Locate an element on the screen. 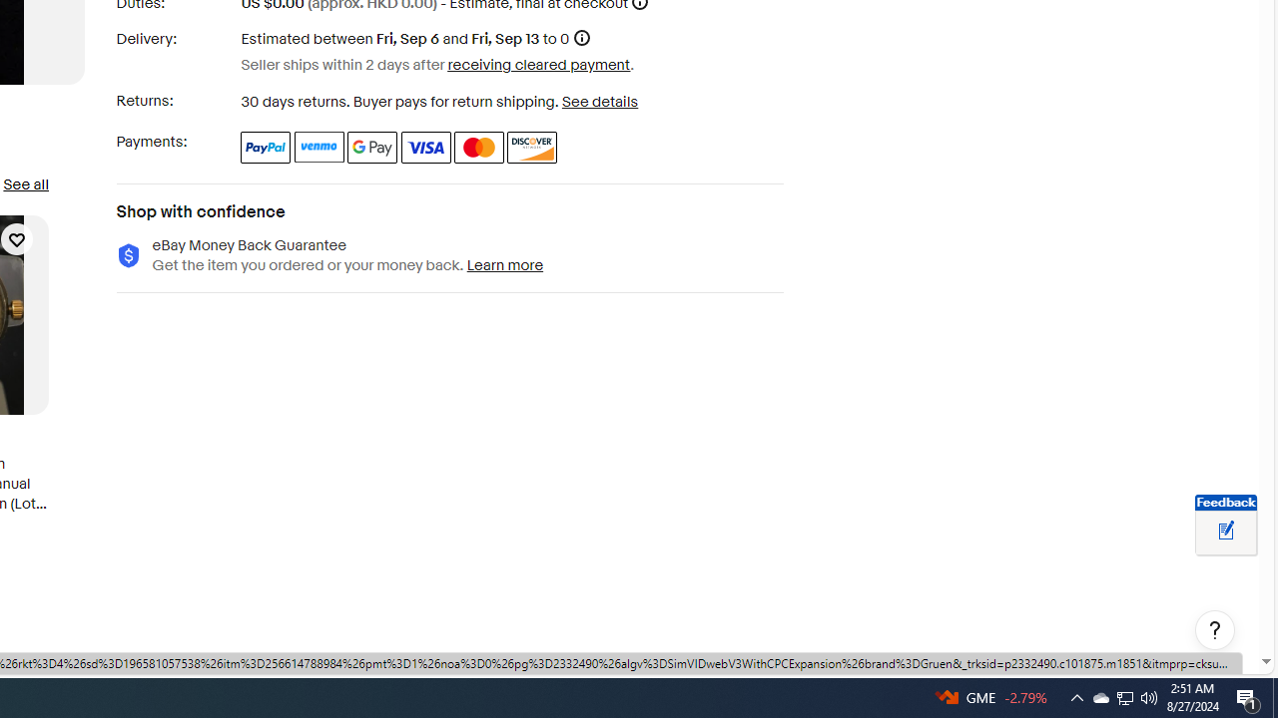 The width and height of the screenshot is (1278, 718). 'receiving cleared payment' is located at coordinates (539, 63).